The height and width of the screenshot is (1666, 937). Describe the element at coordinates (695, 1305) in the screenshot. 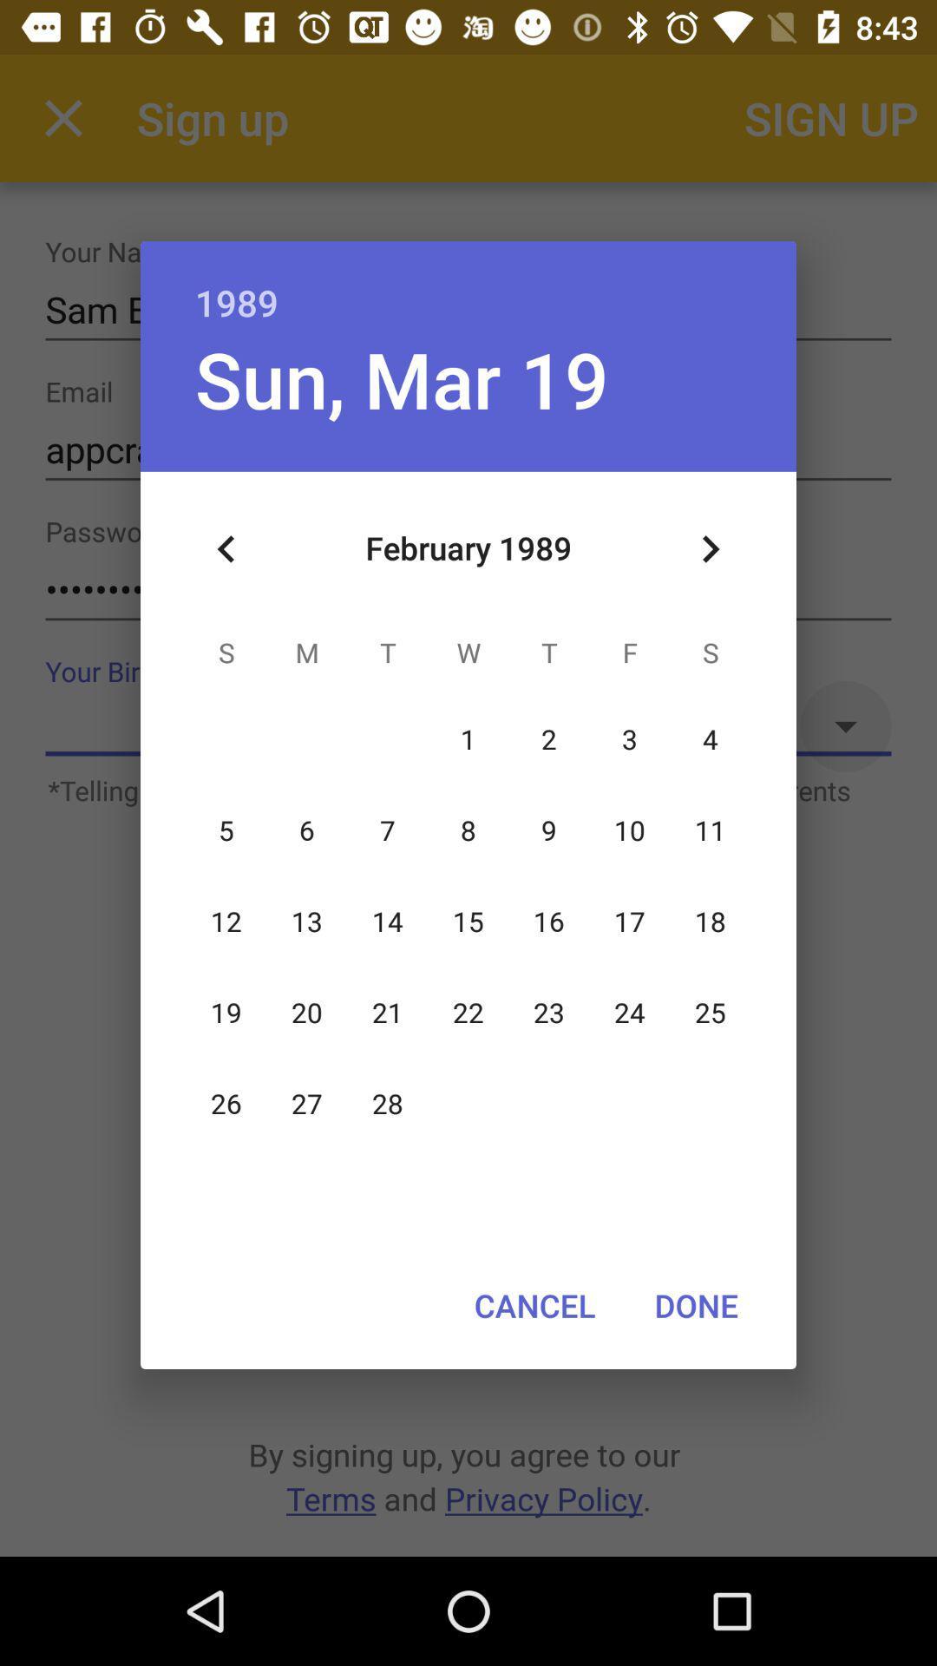

I see `the item next to cancel icon` at that location.